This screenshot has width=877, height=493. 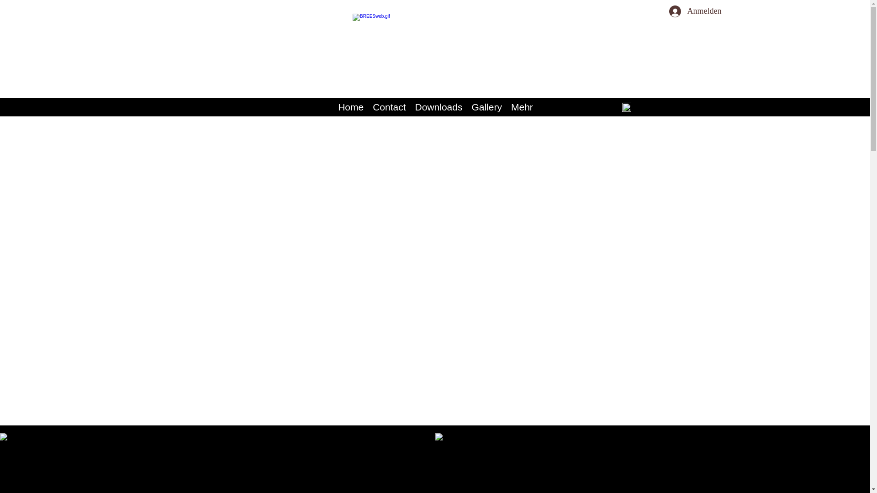 I want to click on 'Gallery', so click(x=486, y=107).